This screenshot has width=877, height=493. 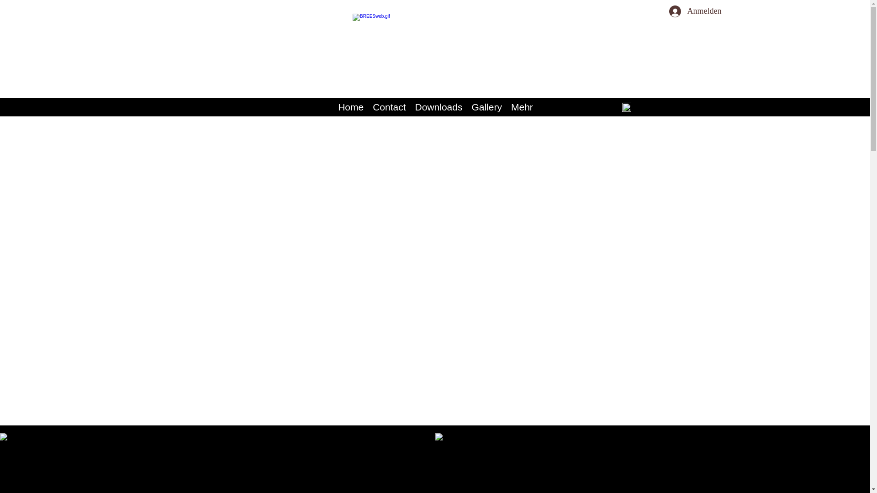 I want to click on 'Gallery', so click(x=486, y=107).